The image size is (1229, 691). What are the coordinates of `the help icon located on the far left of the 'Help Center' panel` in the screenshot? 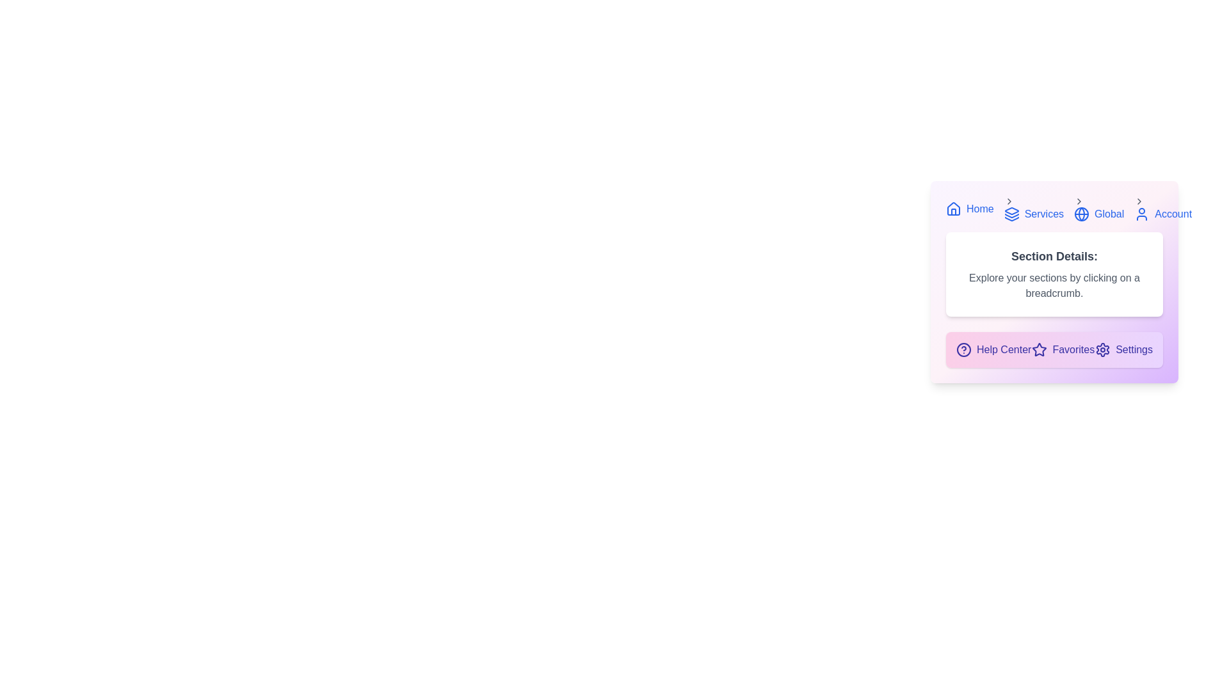 It's located at (964, 350).